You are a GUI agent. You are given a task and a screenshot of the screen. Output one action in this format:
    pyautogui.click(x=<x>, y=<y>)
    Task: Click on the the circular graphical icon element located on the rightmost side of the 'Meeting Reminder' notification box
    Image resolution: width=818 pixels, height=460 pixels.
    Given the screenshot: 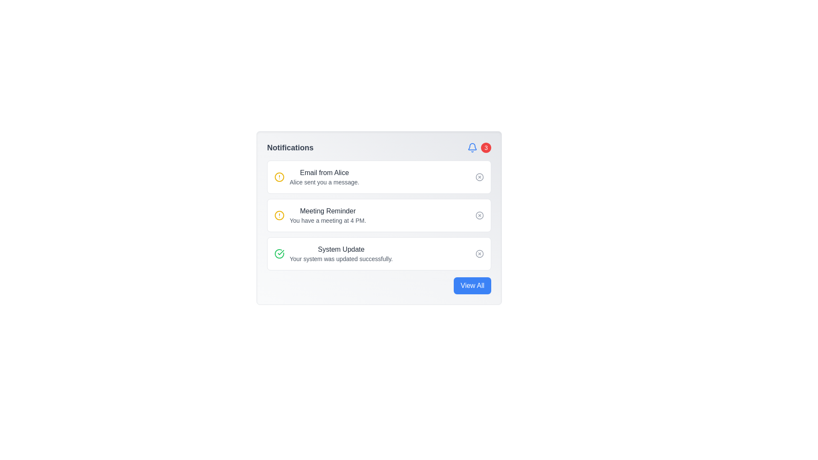 What is the action you would take?
    pyautogui.click(x=480, y=215)
    